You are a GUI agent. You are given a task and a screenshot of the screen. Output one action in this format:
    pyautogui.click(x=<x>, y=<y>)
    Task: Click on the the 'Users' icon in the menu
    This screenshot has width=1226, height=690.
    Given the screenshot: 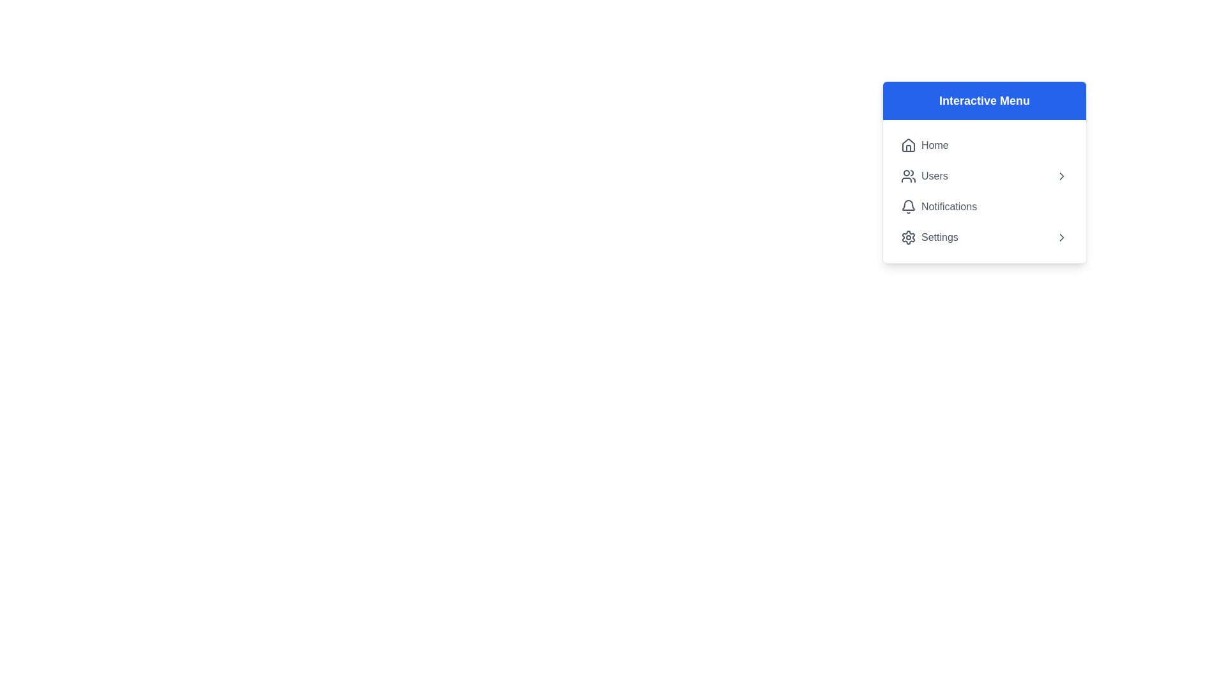 What is the action you would take?
    pyautogui.click(x=907, y=176)
    